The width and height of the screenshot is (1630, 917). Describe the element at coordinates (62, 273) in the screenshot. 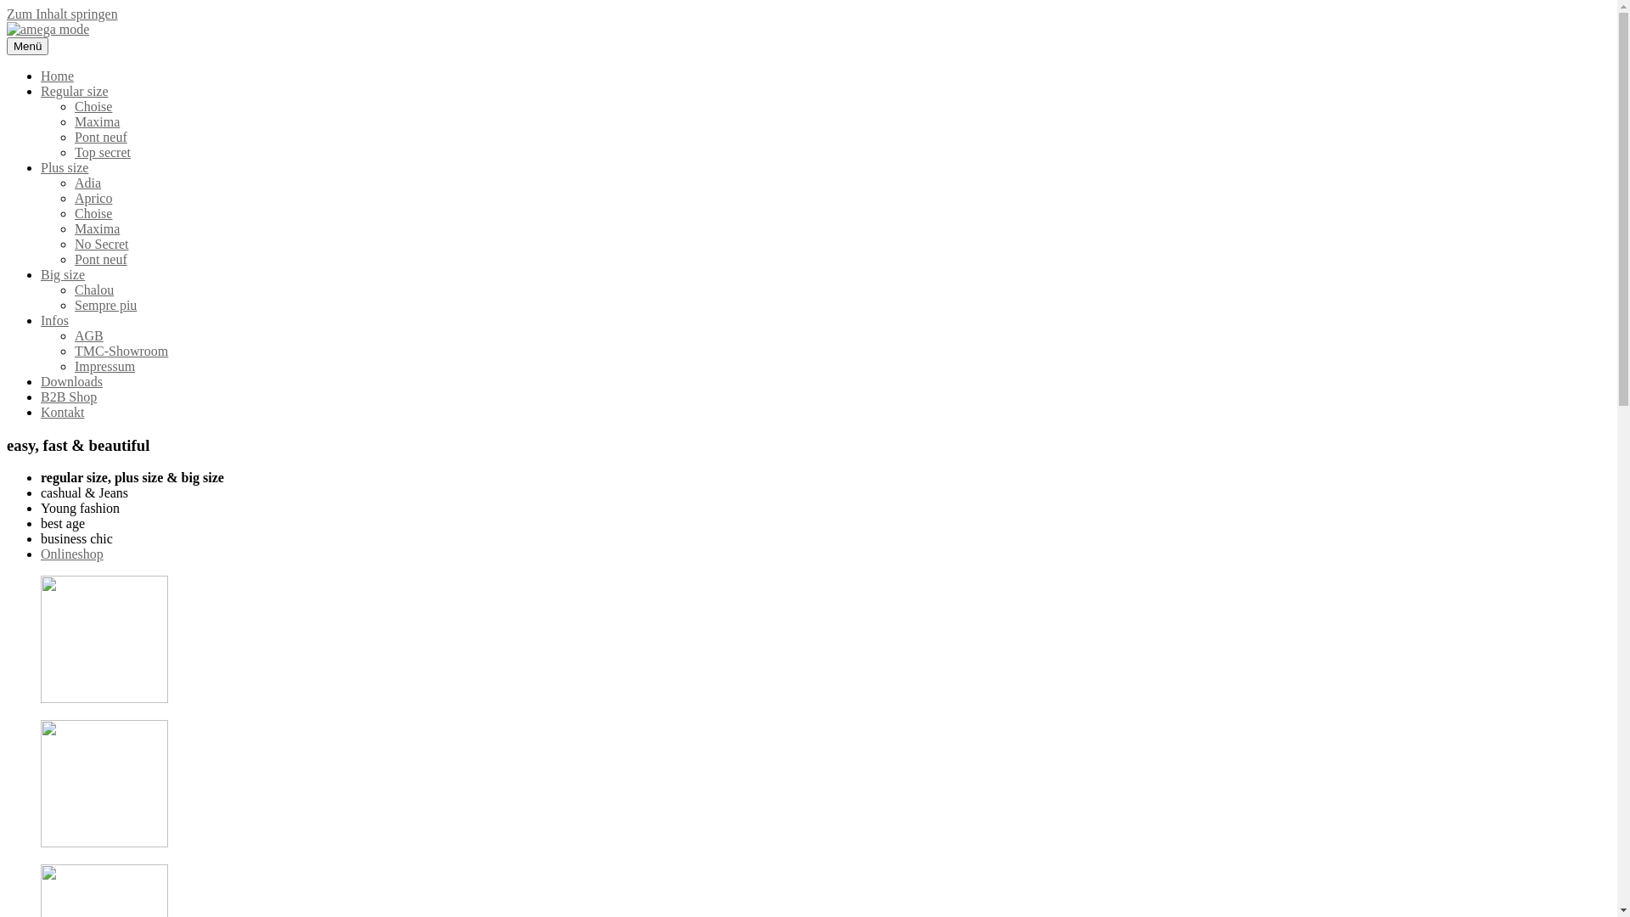

I see `'Big size'` at that location.